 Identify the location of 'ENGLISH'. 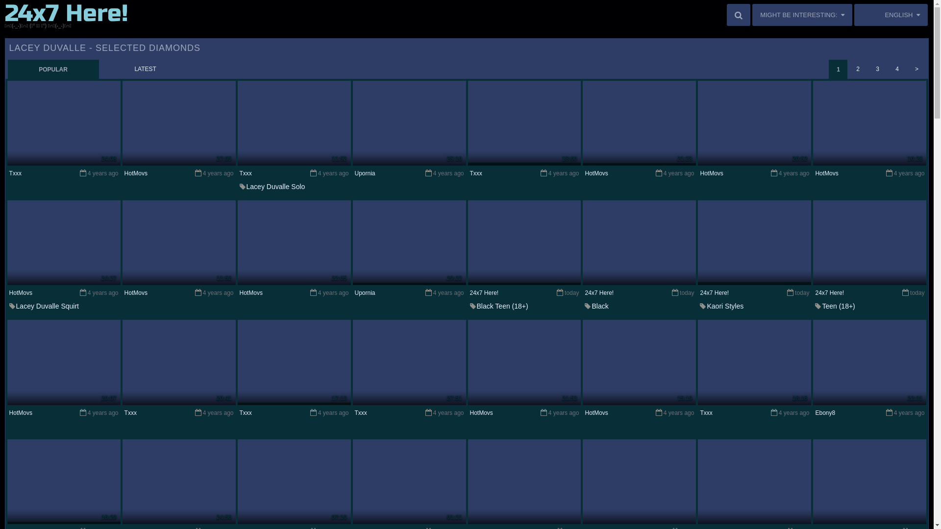
(891, 15).